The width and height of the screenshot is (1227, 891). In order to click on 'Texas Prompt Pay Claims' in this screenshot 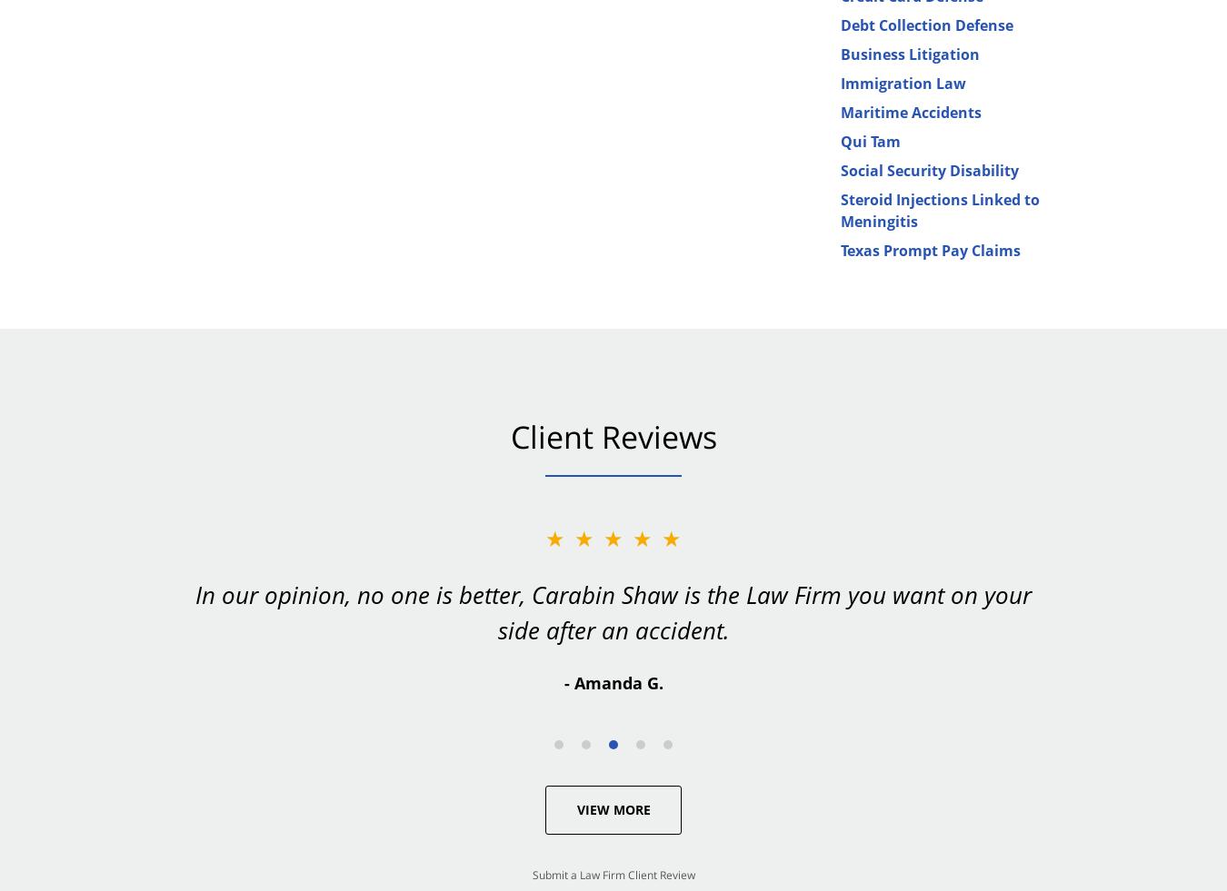, I will do `click(930, 248)`.